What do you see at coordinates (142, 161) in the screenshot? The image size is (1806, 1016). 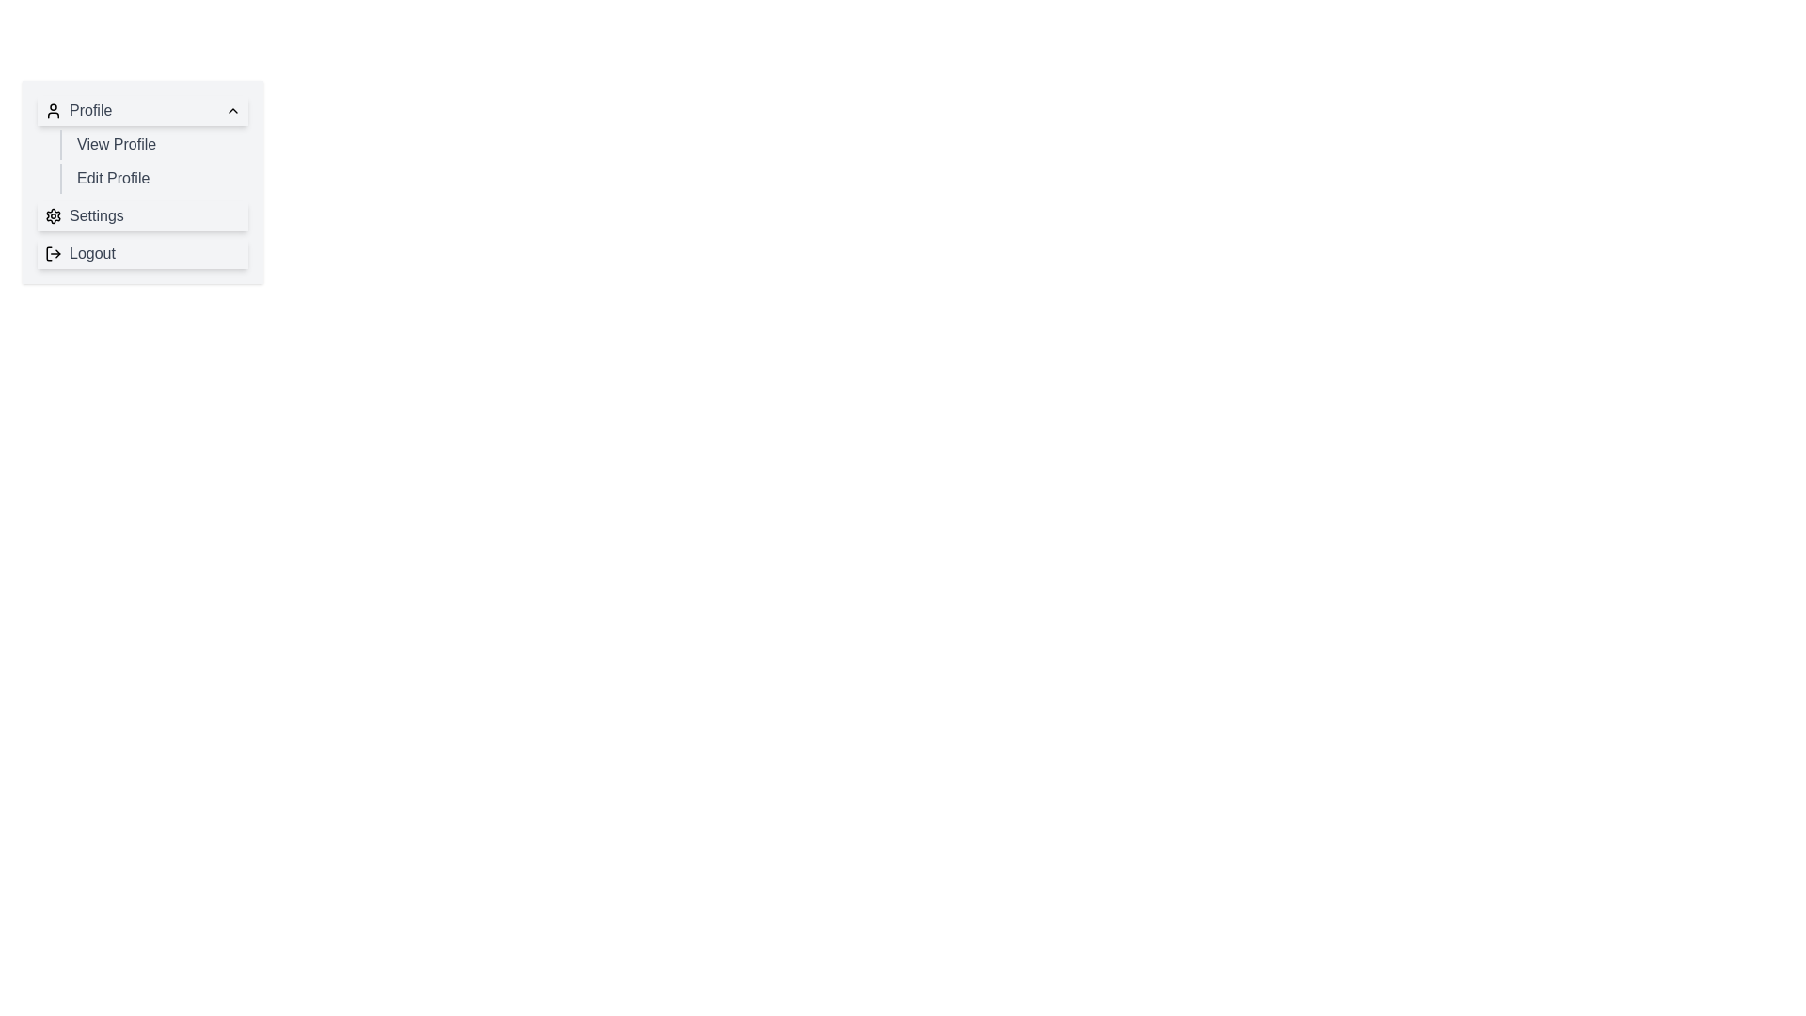 I see `the 'View Profile' or 'Edit Profile' option in the grouped menu item to change its state` at bounding box center [142, 161].